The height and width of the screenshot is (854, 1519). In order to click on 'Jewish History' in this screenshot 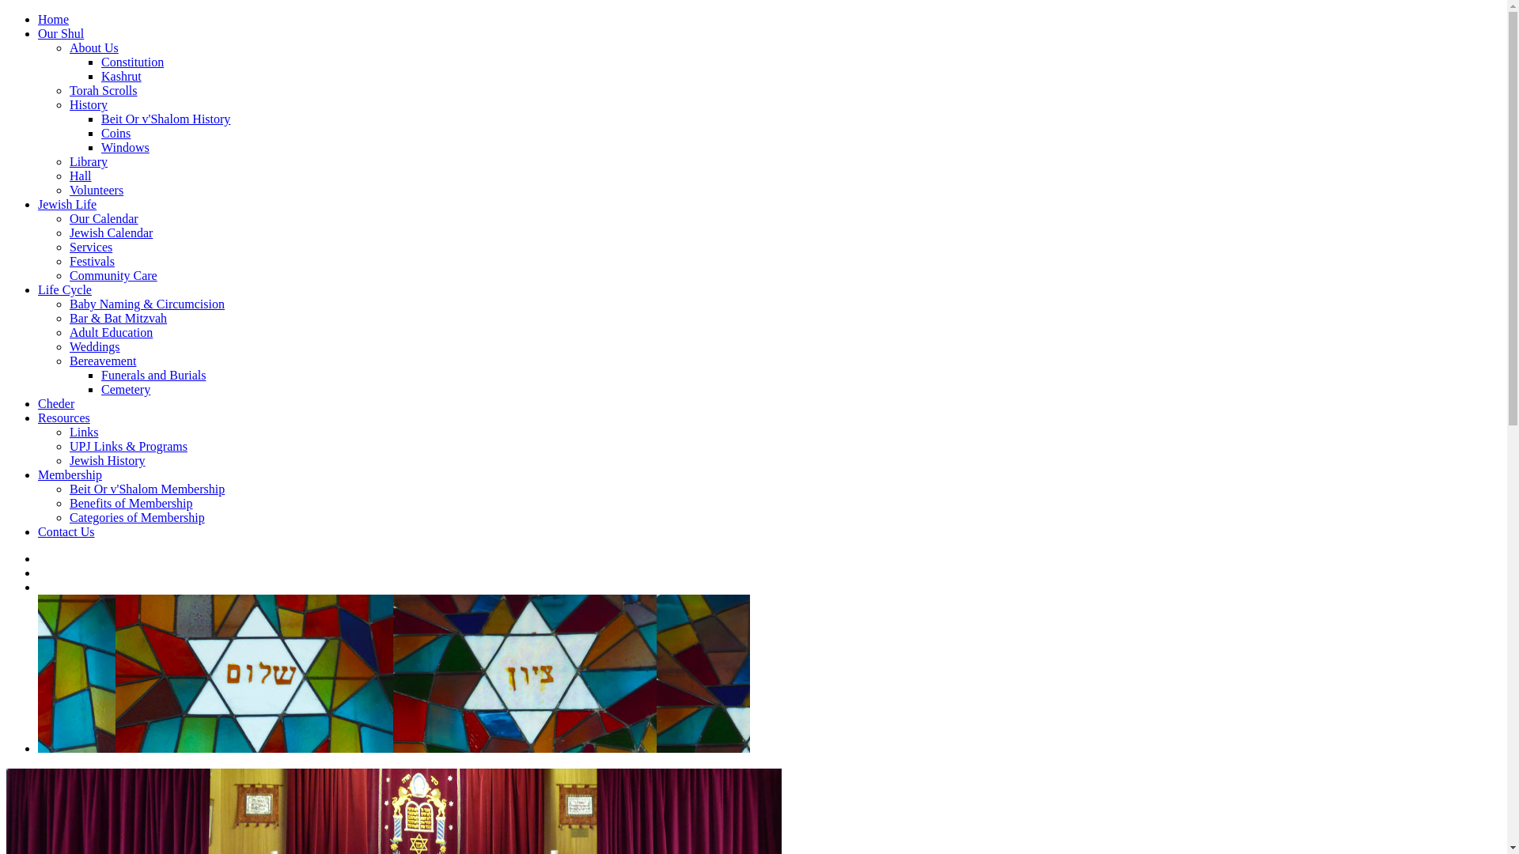, I will do `click(106, 460)`.